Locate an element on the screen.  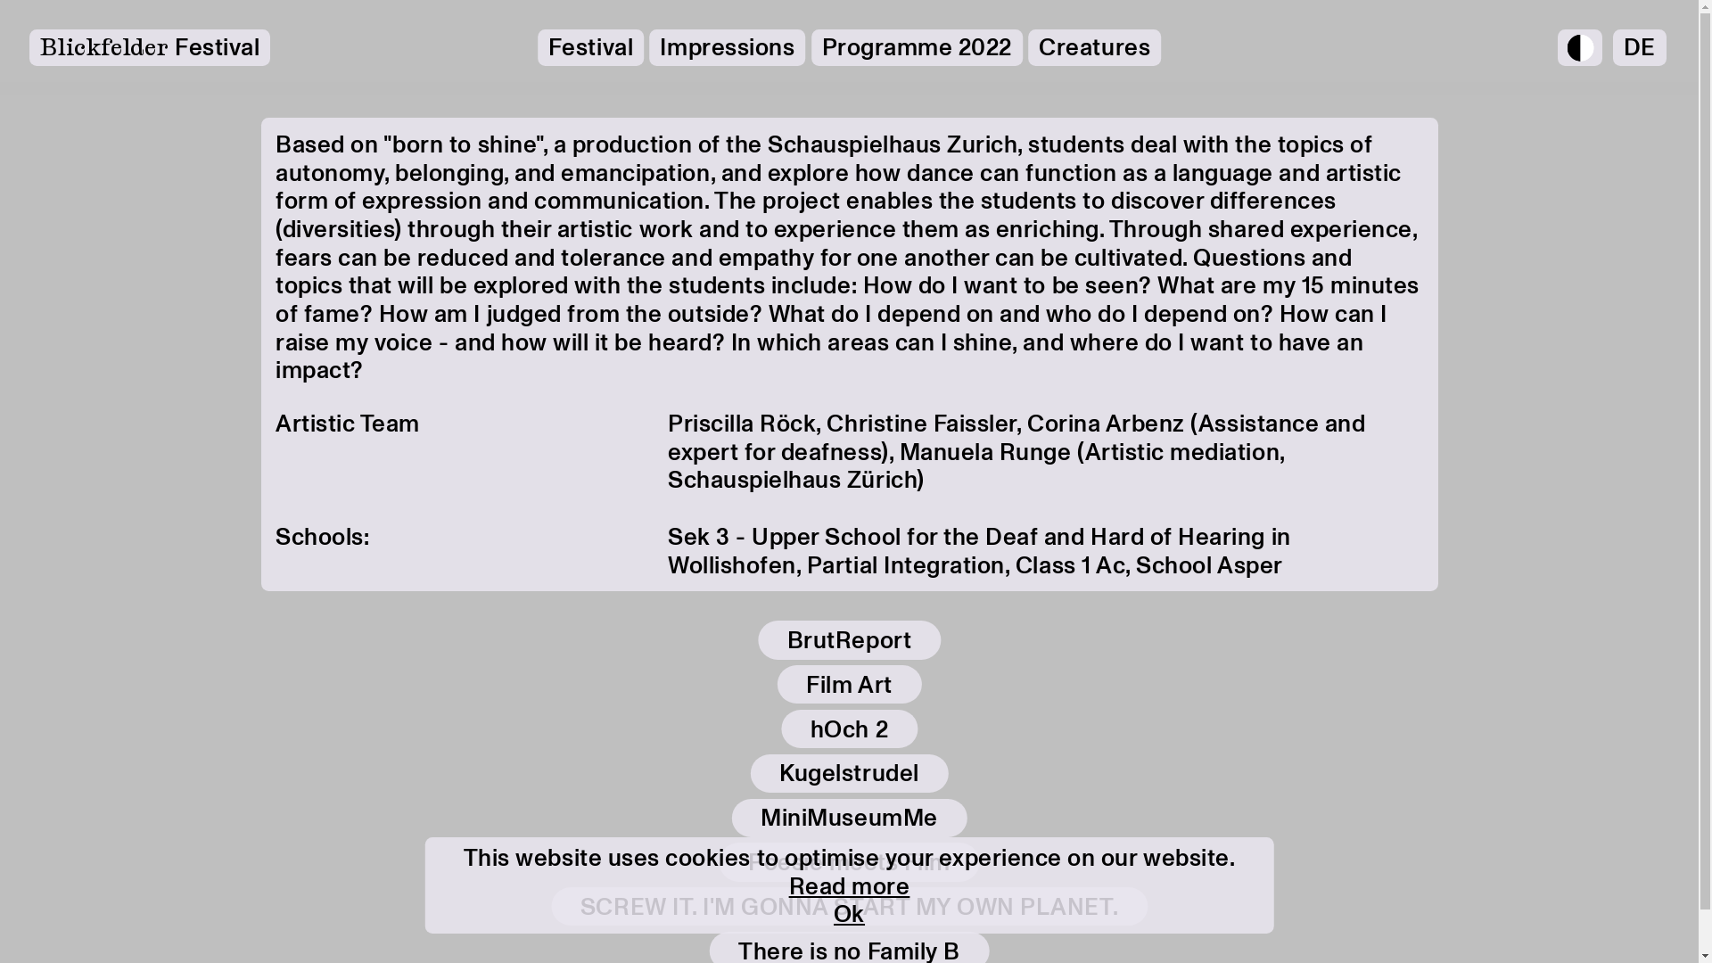
'Programme 2022' is located at coordinates (917, 46).